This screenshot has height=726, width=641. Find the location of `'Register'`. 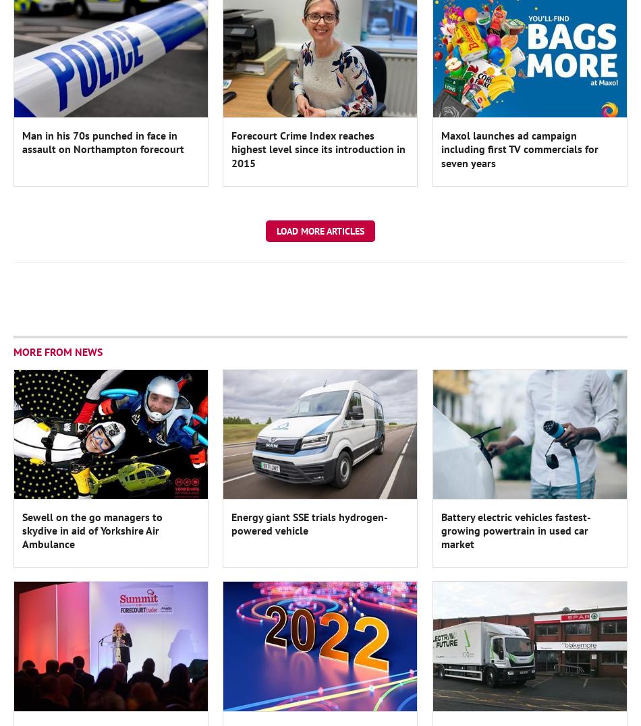

'Register' is located at coordinates (290, 11).